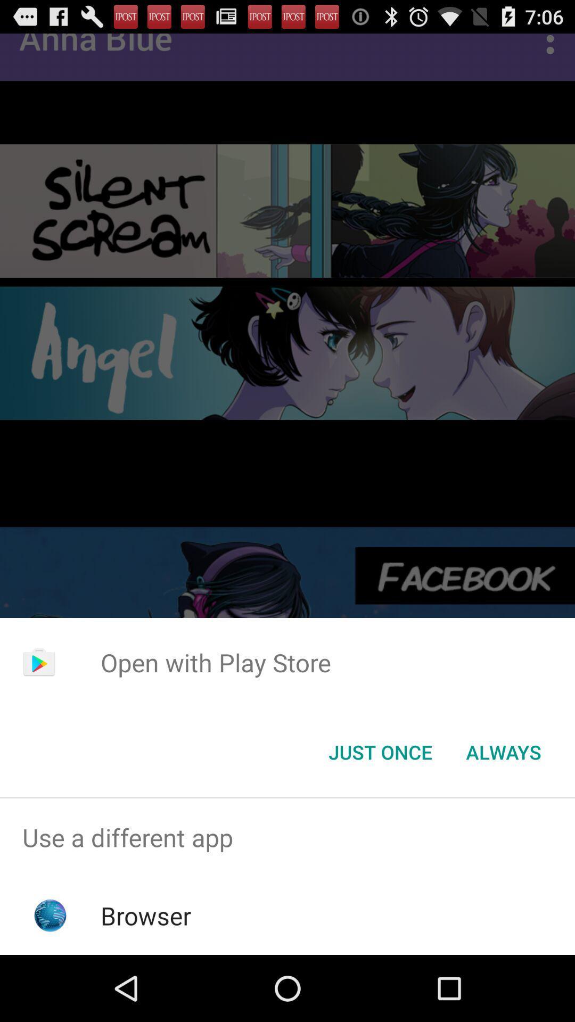  I want to click on the just once icon, so click(380, 751).